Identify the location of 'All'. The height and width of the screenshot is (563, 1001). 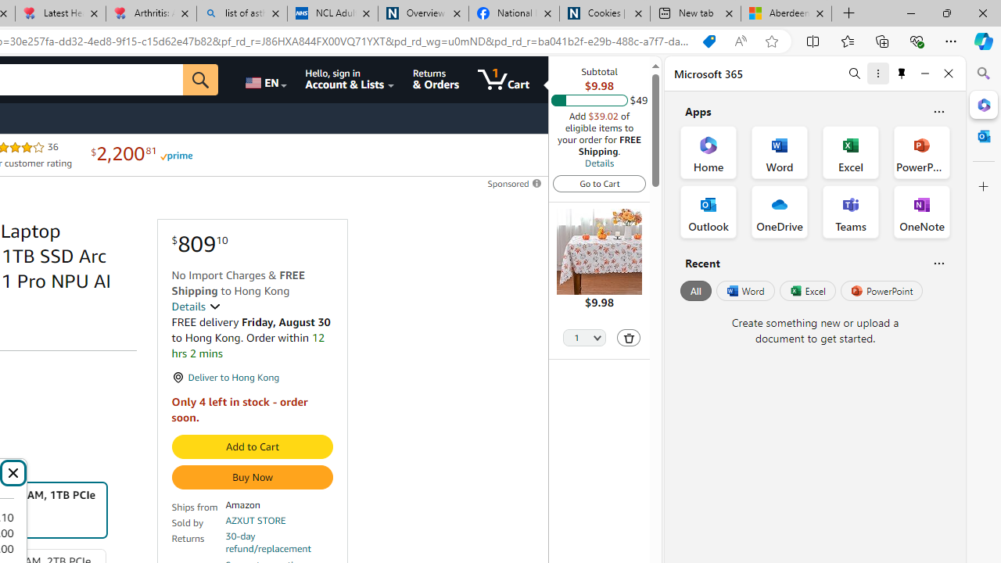
(695, 291).